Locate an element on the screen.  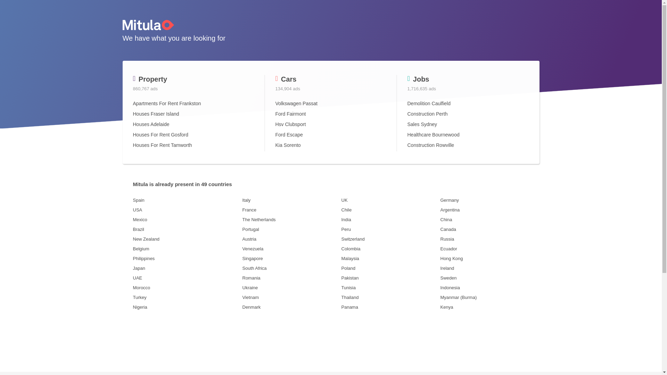
'Jobs' is located at coordinates (418, 79).